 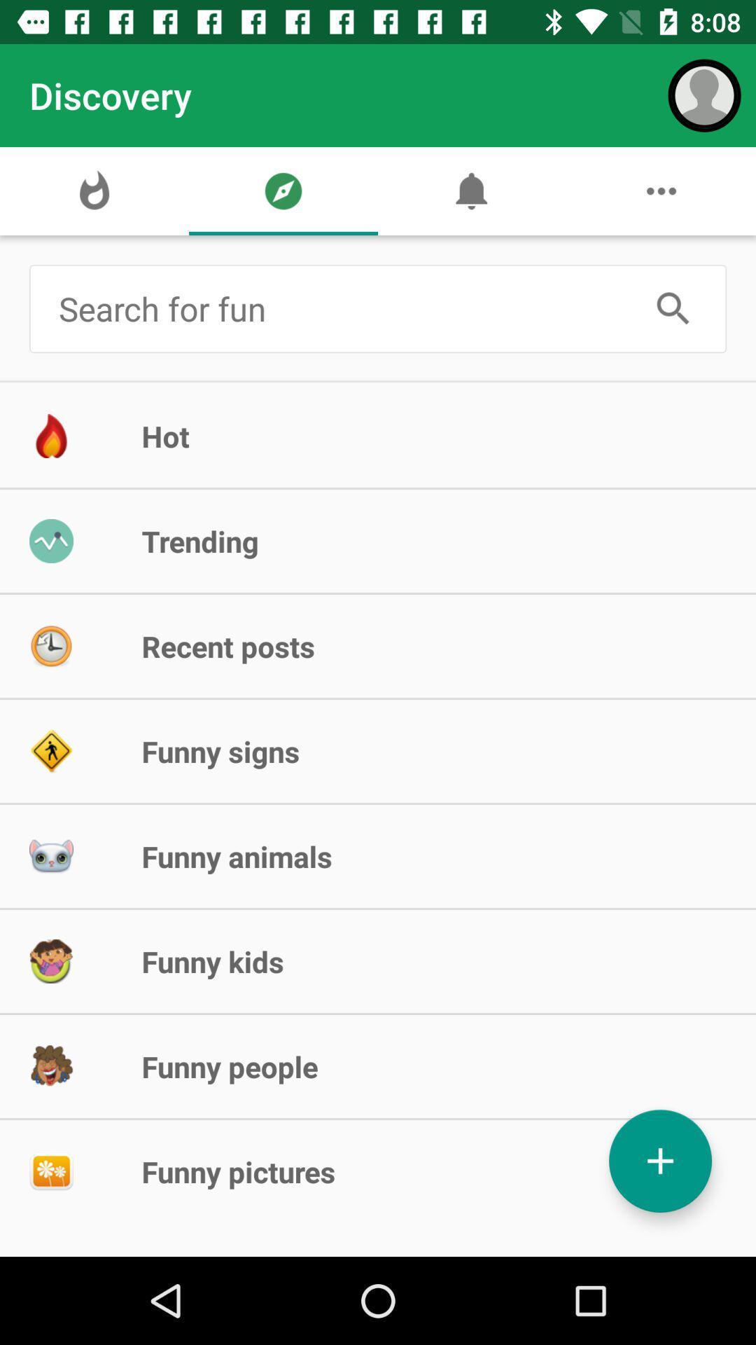 I want to click on to search, so click(x=673, y=308).